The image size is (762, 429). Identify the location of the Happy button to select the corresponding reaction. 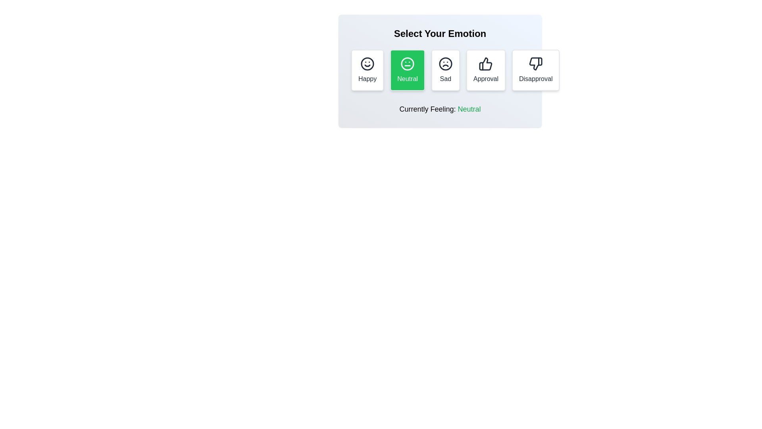
(367, 70).